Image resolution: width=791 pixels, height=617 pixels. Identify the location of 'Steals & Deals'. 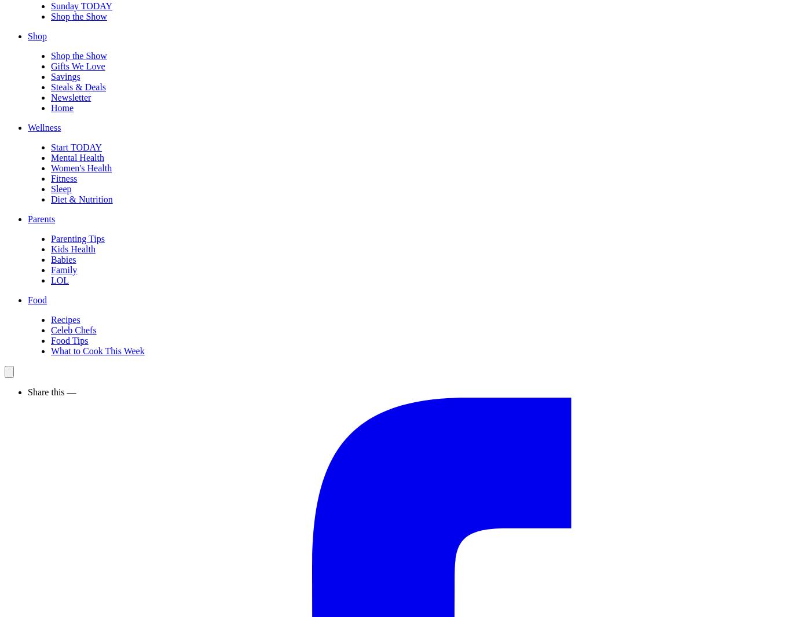
(78, 86).